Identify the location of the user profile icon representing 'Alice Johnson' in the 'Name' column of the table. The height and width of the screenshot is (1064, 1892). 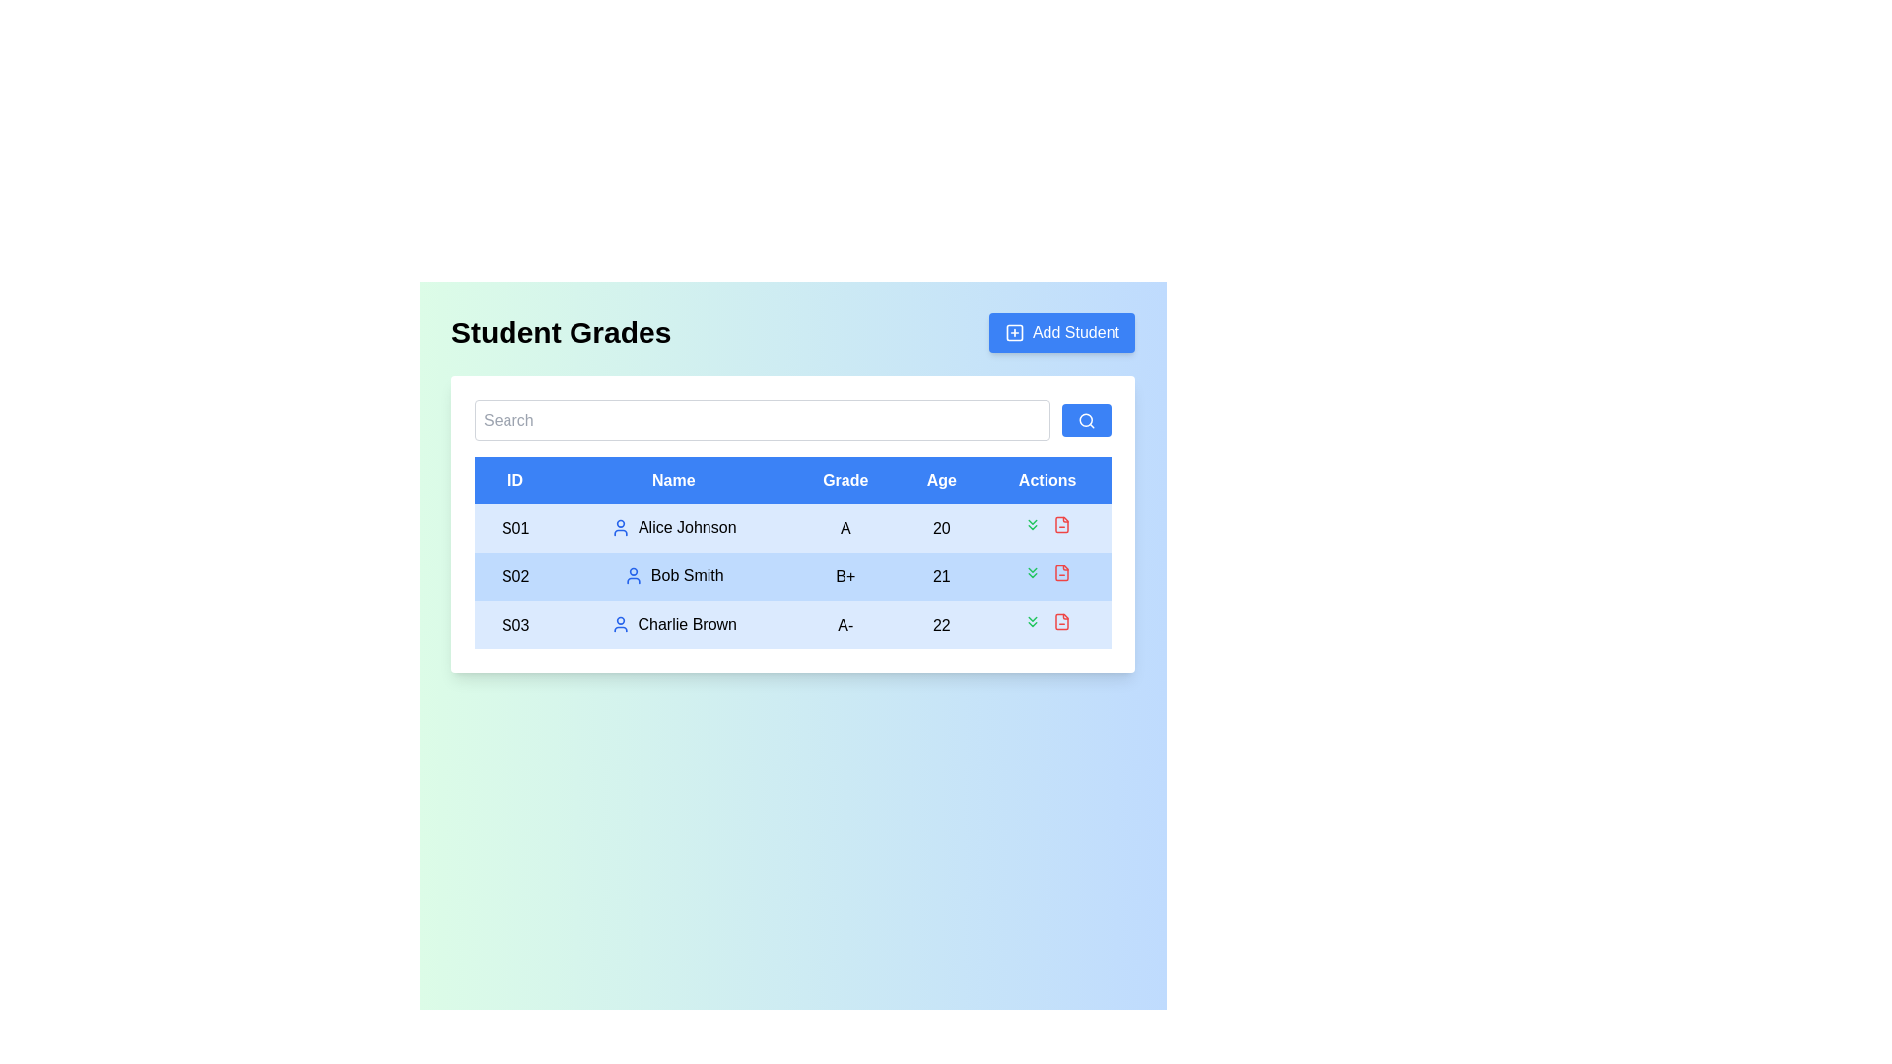
(619, 527).